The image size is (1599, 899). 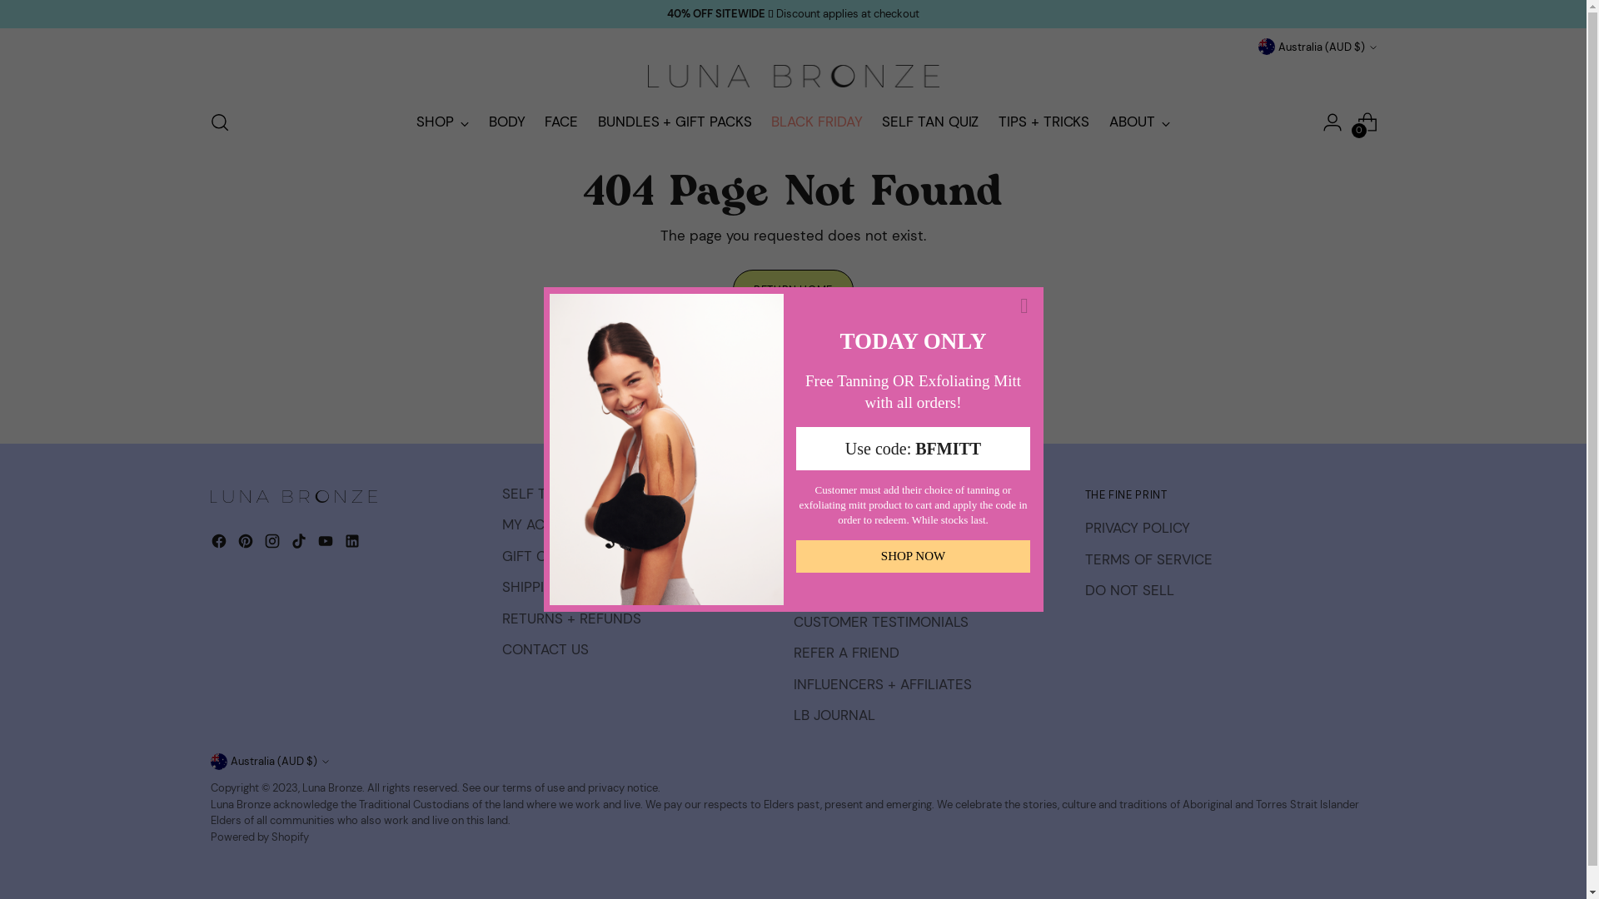 I want to click on 'SHIPPING', so click(x=531, y=586).